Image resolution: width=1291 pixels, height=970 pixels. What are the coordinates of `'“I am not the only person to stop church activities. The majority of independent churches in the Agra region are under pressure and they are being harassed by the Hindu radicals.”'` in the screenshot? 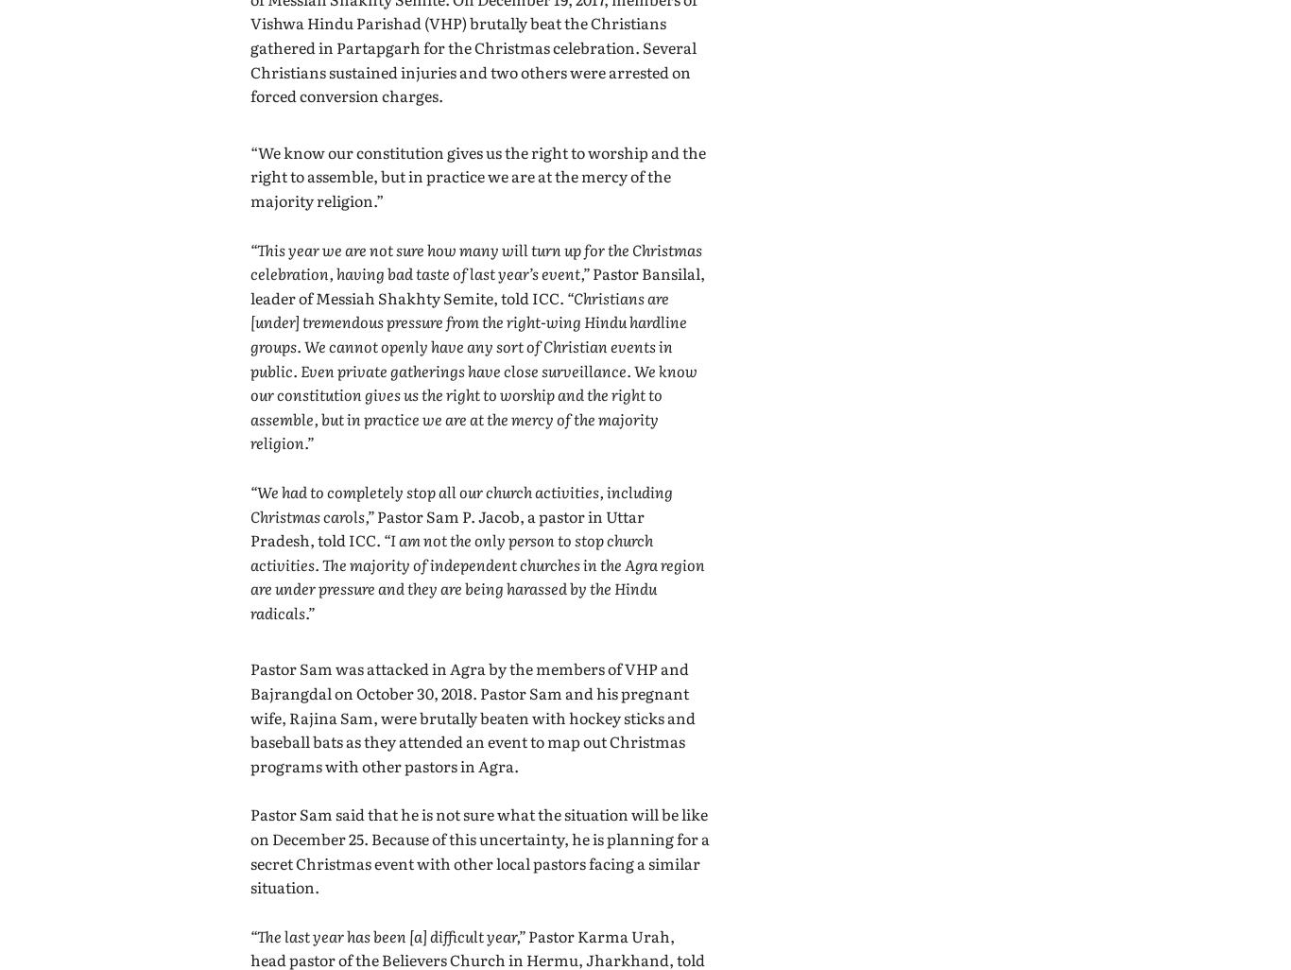 It's located at (477, 575).